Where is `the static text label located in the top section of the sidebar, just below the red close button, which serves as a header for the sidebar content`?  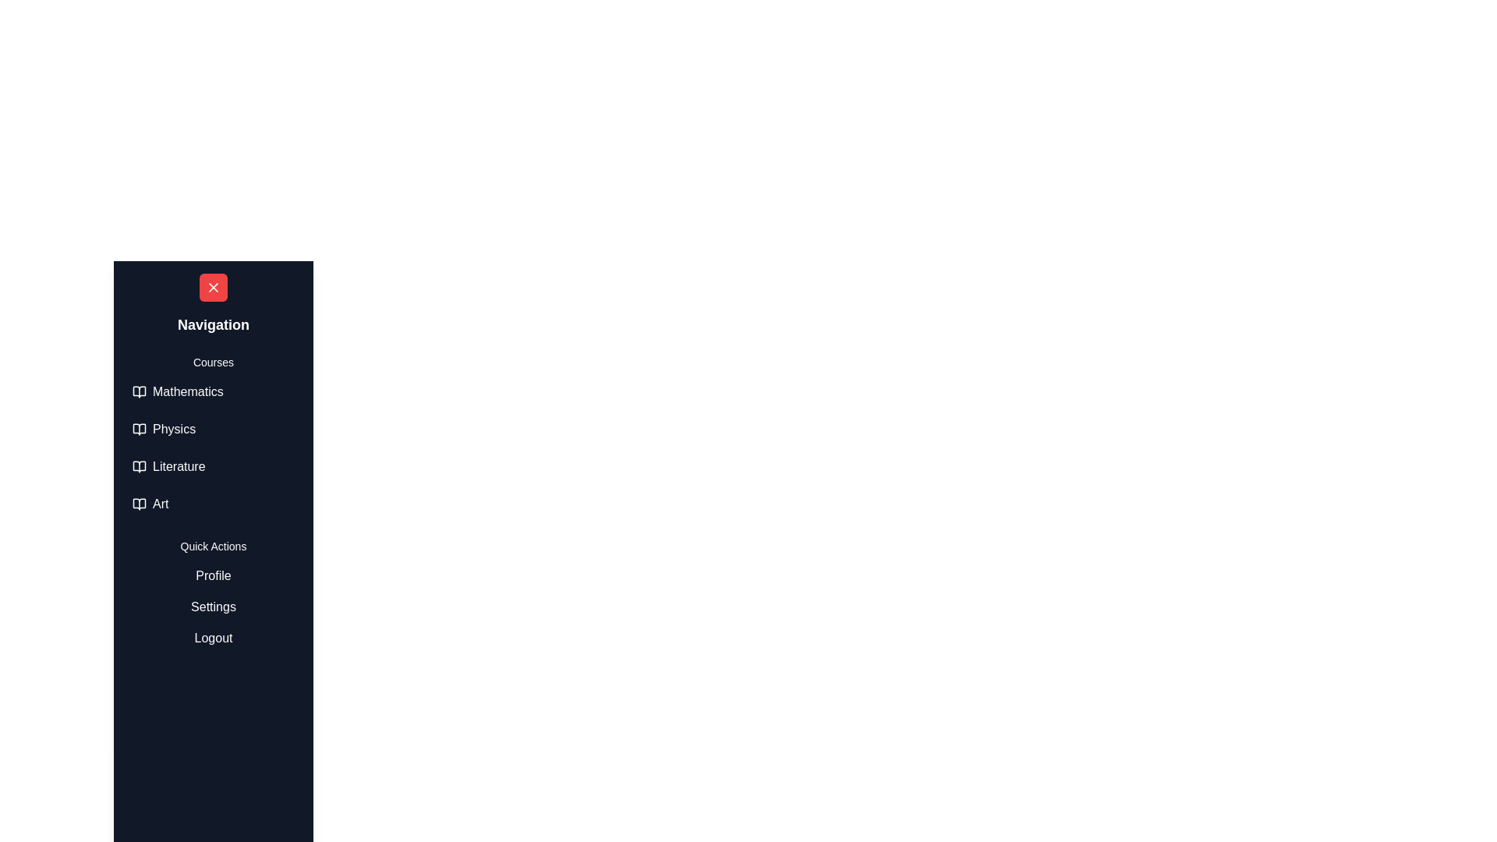
the static text label located in the top section of the sidebar, just below the red close button, which serves as a header for the sidebar content is located at coordinates (212, 324).